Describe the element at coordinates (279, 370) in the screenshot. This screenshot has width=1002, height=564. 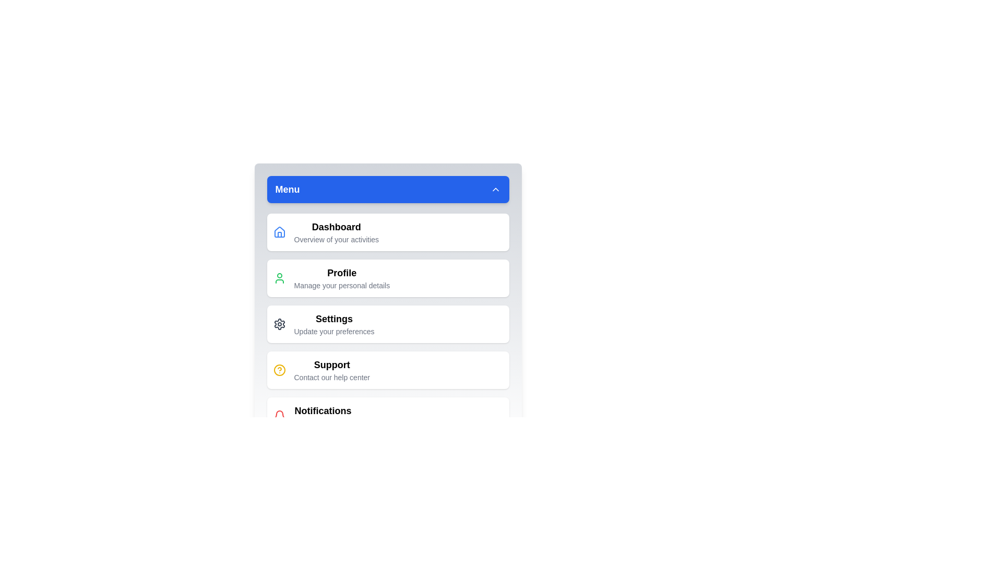
I see `the SVG circle element that is part of the help icon, located next to the 'Support' text` at that location.